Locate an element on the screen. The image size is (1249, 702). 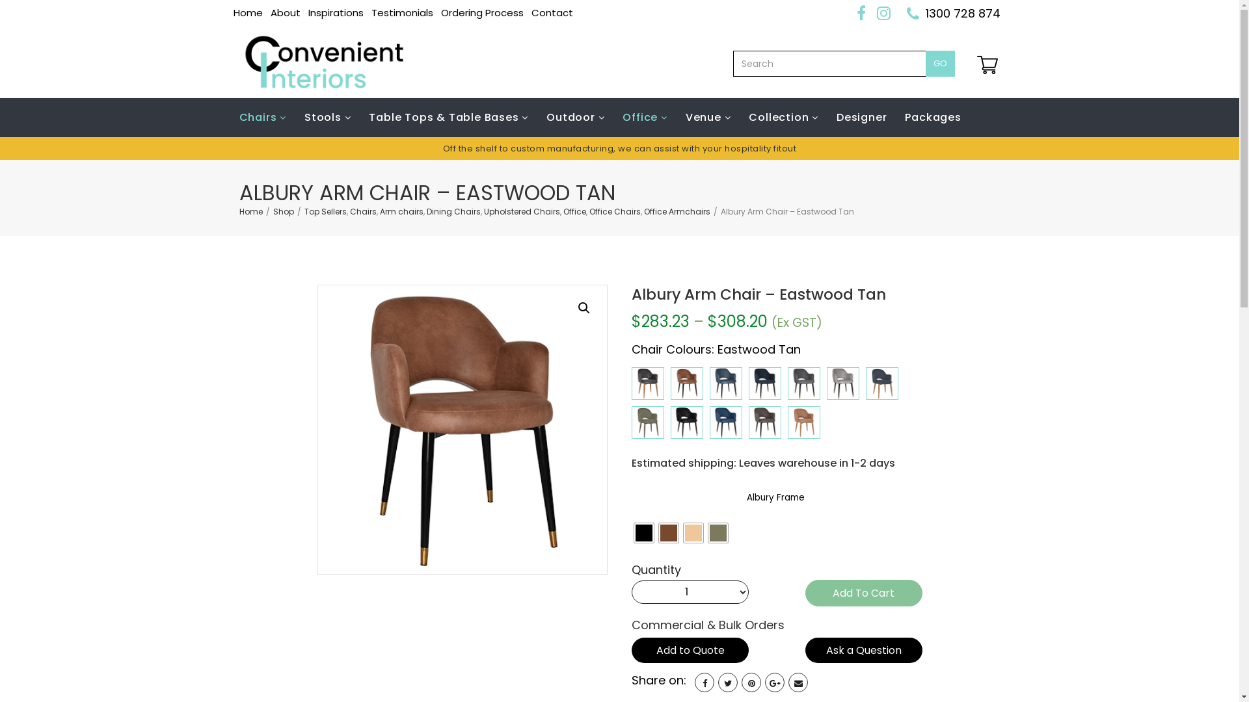
'Albury Arm Chair - Vinyl Charcoal' is located at coordinates (765, 422).